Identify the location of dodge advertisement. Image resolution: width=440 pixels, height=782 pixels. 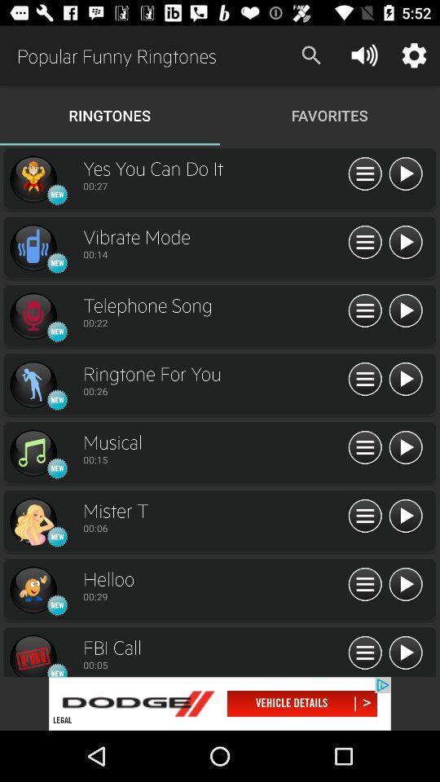
(220, 703).